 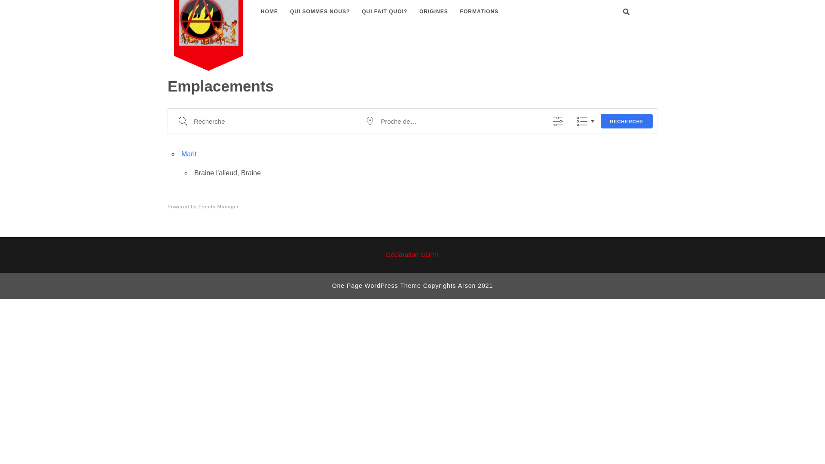 I want to click on 'ORIGINES', so click(x=434, y=12).